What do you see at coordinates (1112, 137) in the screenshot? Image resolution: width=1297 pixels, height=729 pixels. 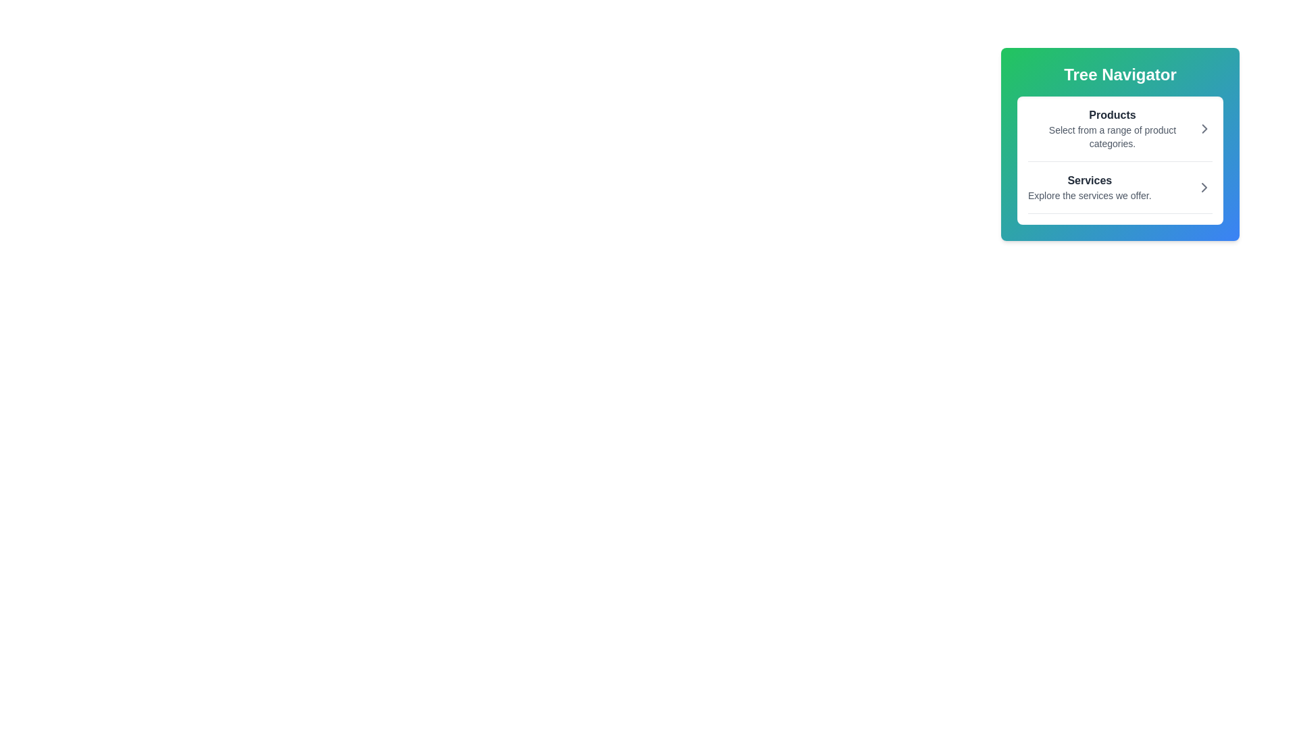 I see `the text description stating 'Select from a range of product categories.' located beneath the heading 'Products' within the 'Tree Navigator' panel` at bounding box center [1112, 137].